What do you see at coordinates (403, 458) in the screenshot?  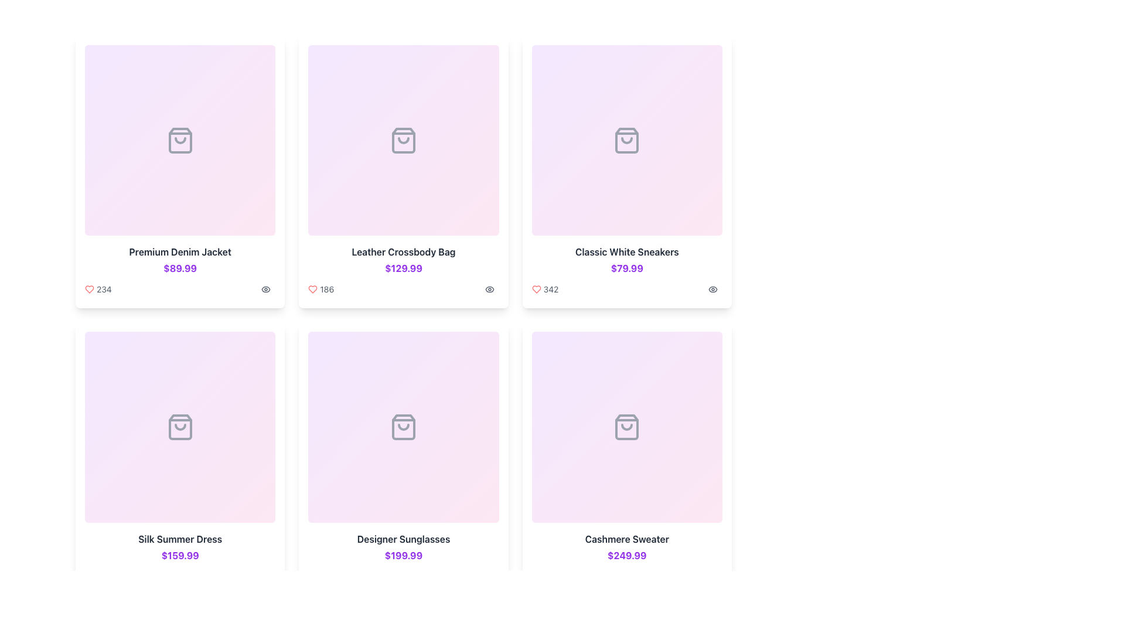 I see `on the product card element located in the second row and second column of the grid layout, which represents a product item for viewing details` at bounding box center [403, 458].